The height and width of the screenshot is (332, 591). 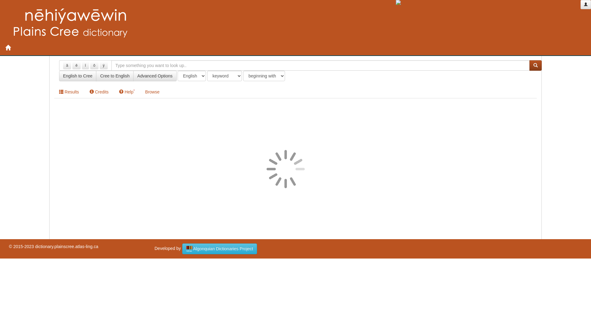 What do you see at coordinates (220, 248) in the screenshot?
I see `'Algonquian Dictionaries Project'` at bounding box center [220, 248].